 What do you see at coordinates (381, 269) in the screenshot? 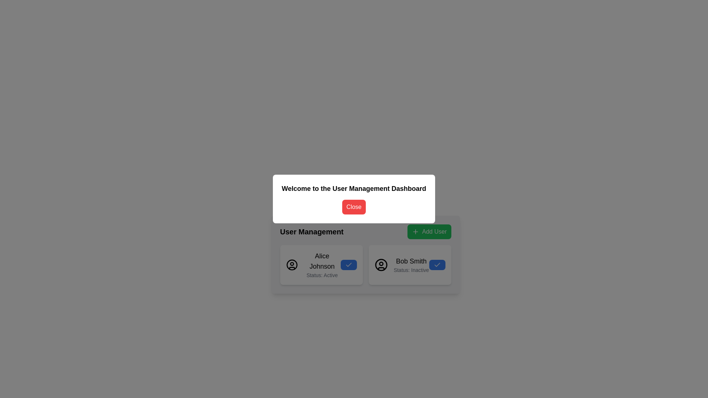
I see `the decorative segment of the user profile icon representing 'Bob Smith' located in the 'User Management' section` at bounding box center [381, 269].